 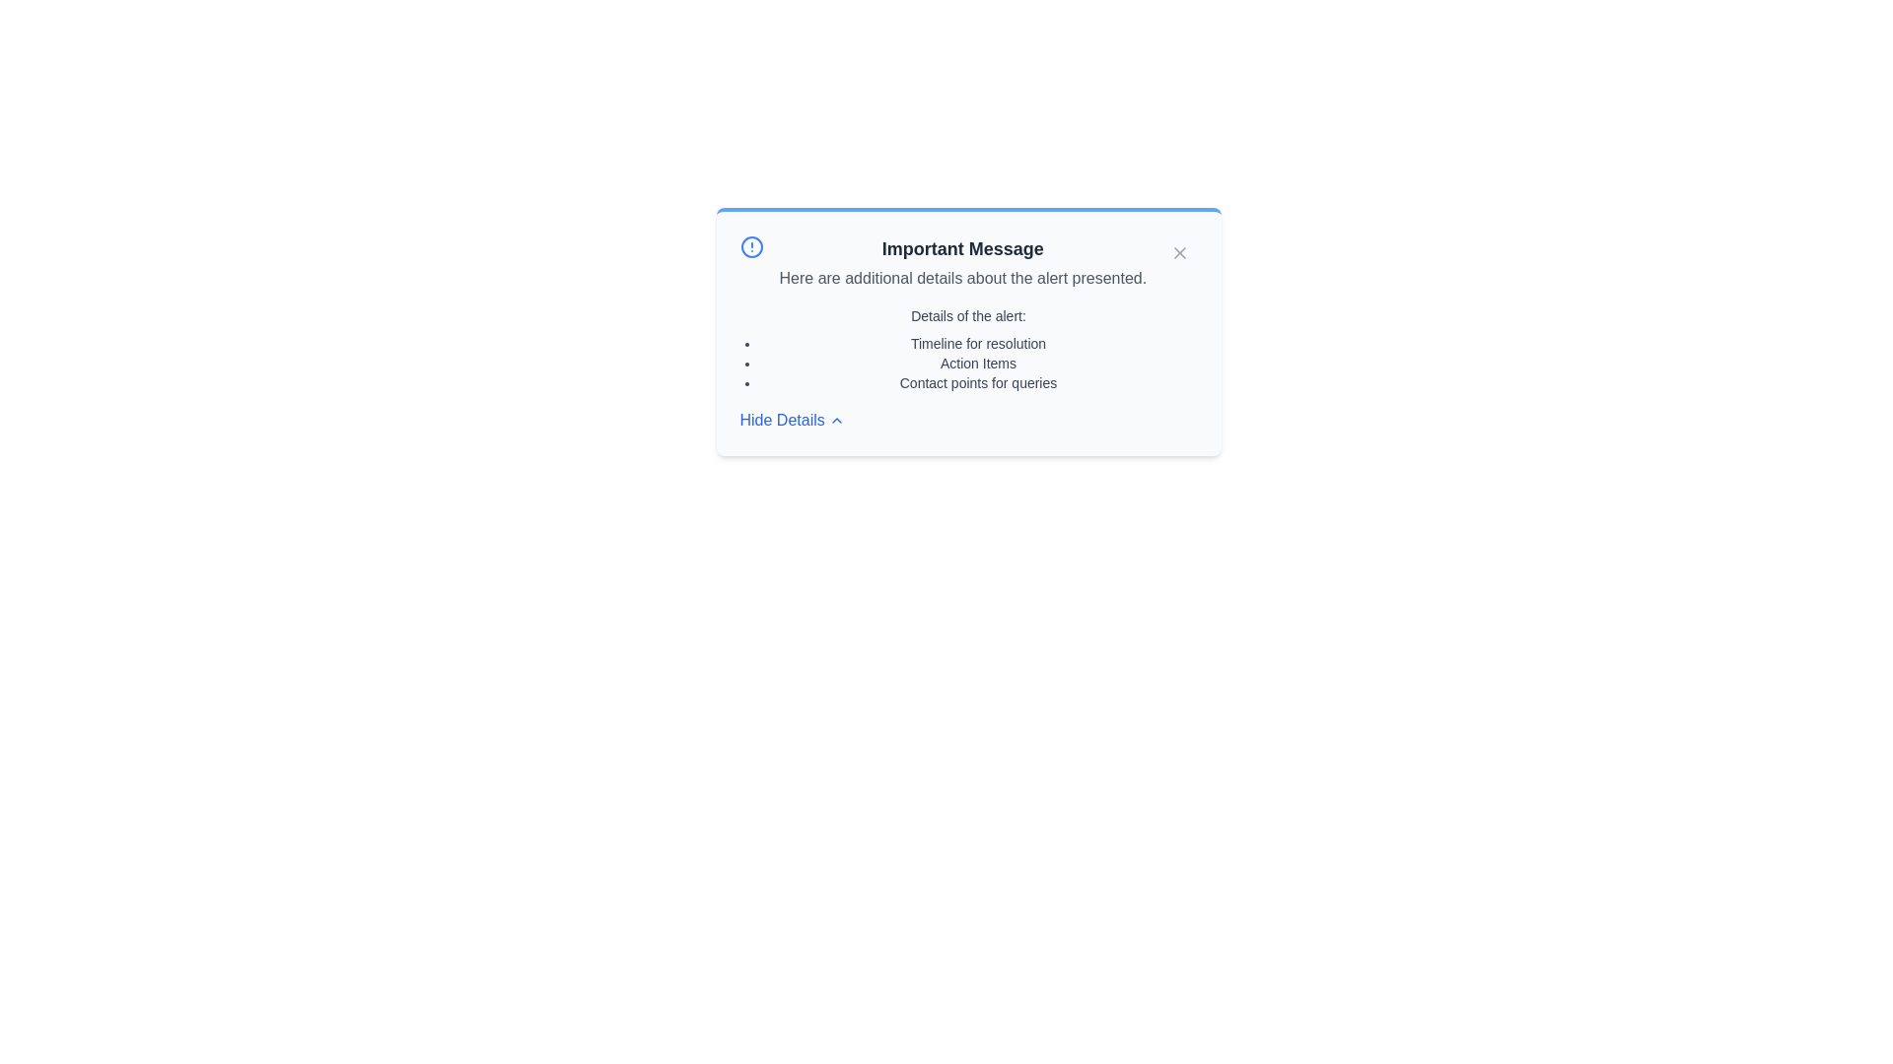 What do you see at coordinates (1179, 252) in the screenshot?
I see `the 'X' icon in the top-right corner of the card labeled 'Important Message'` at bounding box center [1179, 252].